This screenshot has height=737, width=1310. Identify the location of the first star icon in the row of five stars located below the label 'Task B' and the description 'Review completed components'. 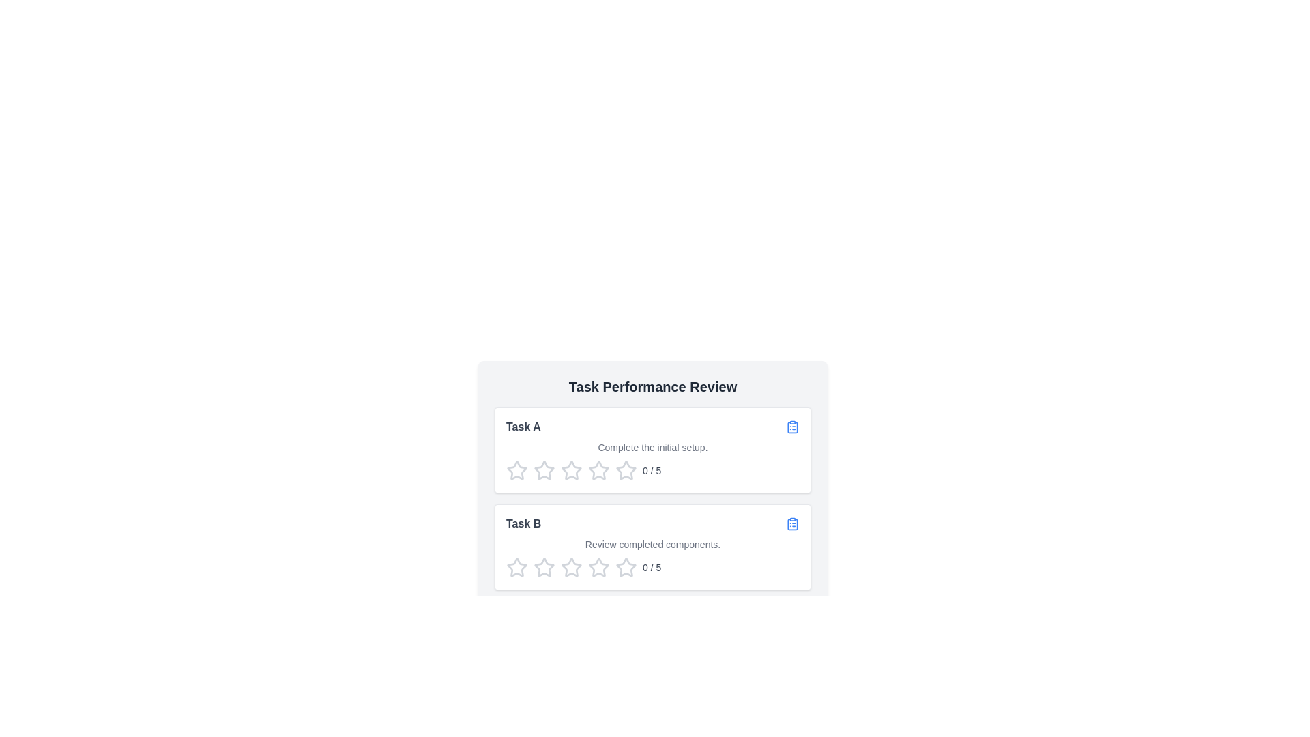
(543, 567).